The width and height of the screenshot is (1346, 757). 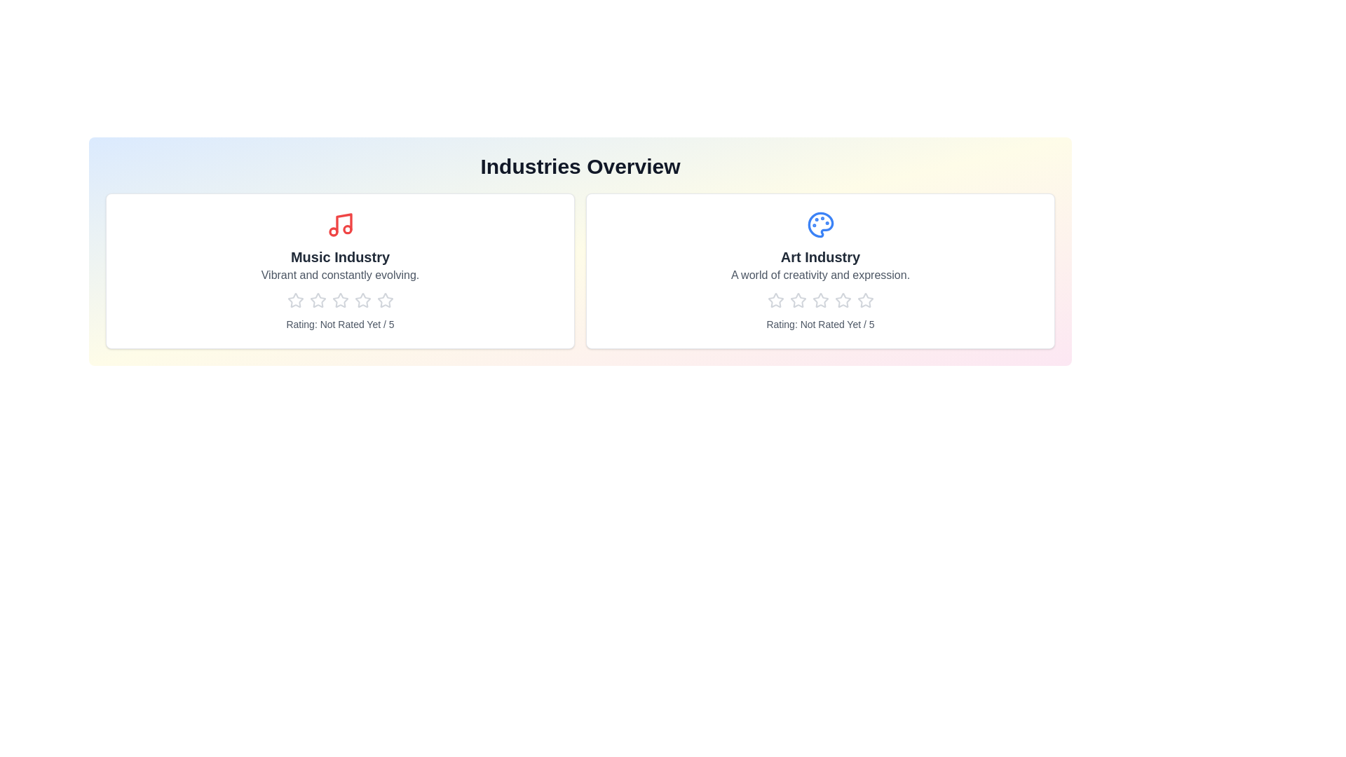 I want to click on the star corresponding to 5 stars to preview the rating, so click(x=385, y=299).